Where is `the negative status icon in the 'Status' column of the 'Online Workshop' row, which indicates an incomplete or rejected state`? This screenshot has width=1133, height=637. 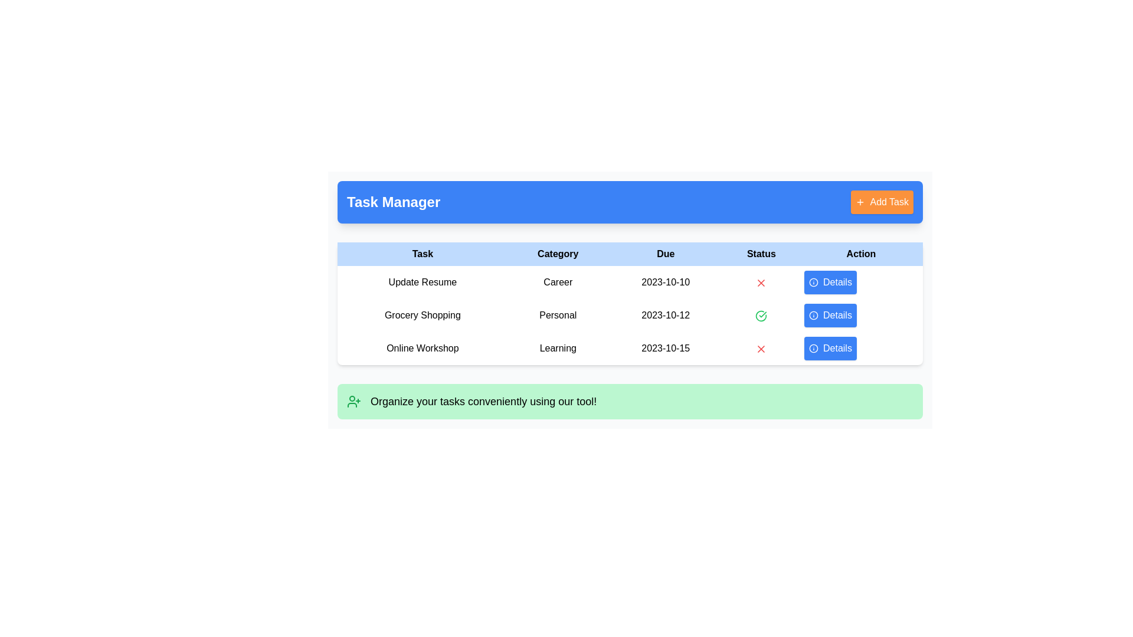
the negative status icon in the 'Status' column of the 'Online Workshop' row, which indicates an incomplete or rejected state is located at coordinates (761, 347).